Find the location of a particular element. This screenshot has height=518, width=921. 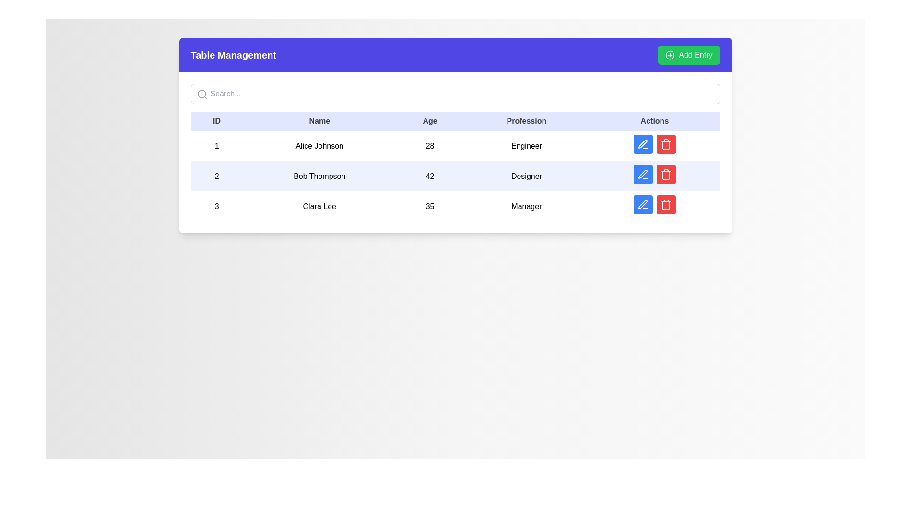

the text label displaying 'Clara Lee' in the 'Name' column of the third row in the table is located at coordinates (319, 206).